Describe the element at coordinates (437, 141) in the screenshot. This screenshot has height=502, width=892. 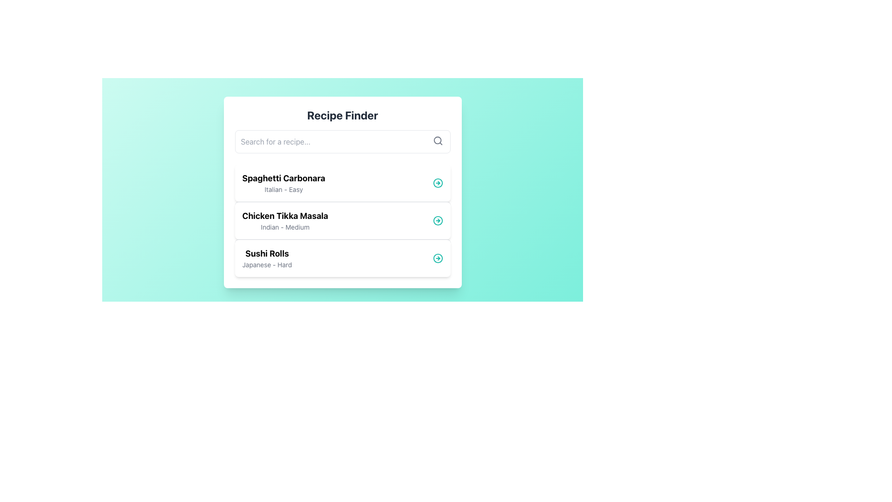
I see `the search icon located at the far-right inside the search bar in the modal interface` at that location.